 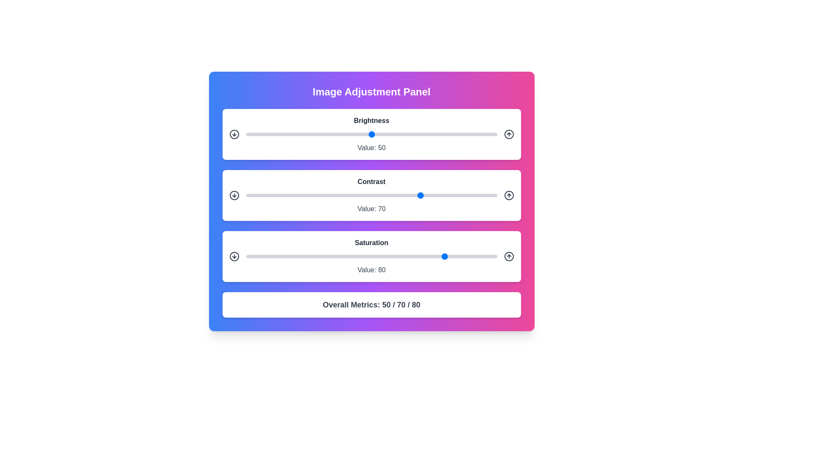 I want to click on saturation level, so click(x=386, y=256).